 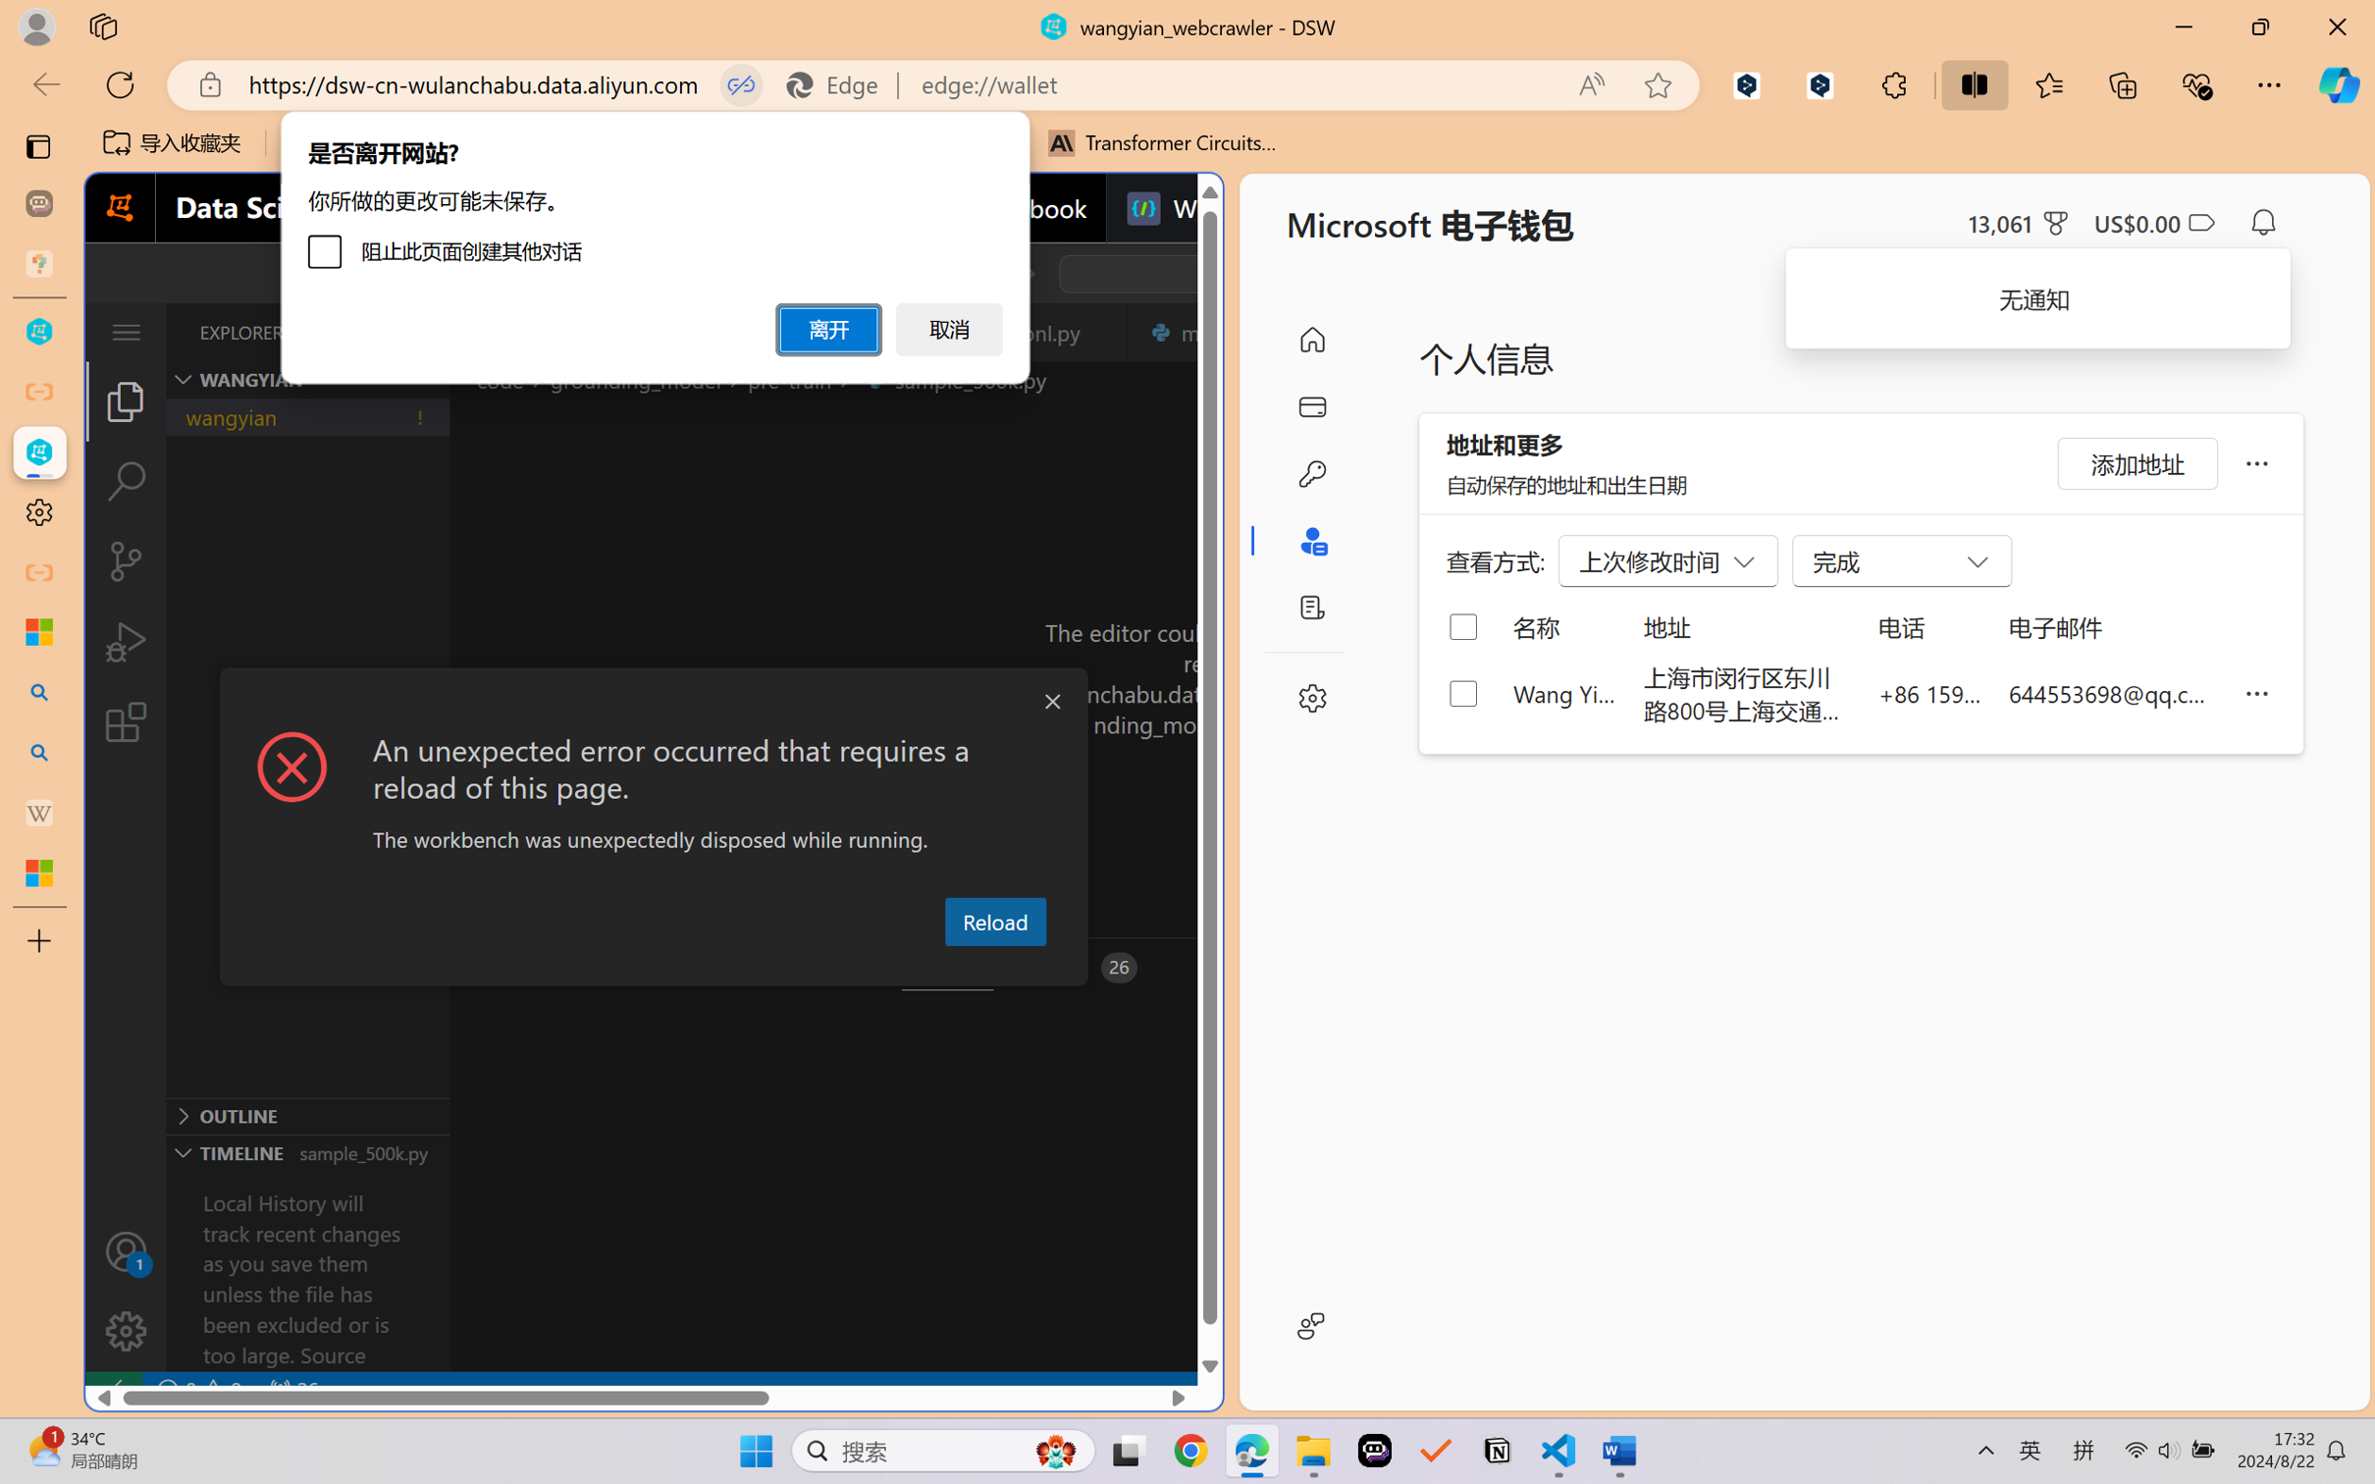 What do you see at coordinates (792, 968) in the screenshot?
I see `'Debug Console (Ctrl+Shift+Y)'` at bounding box center [792, 968].